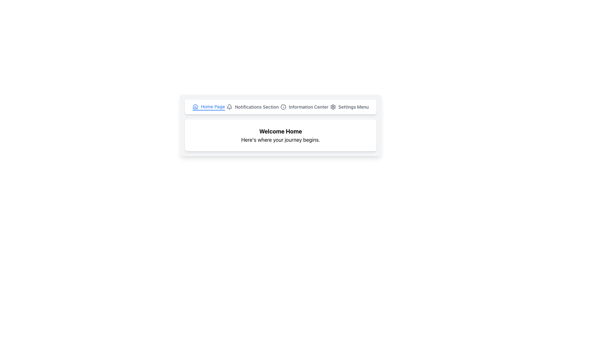 The width and height of the screenshot is (612, 344). I want to click on the Settings Button located, so click(349, 106).